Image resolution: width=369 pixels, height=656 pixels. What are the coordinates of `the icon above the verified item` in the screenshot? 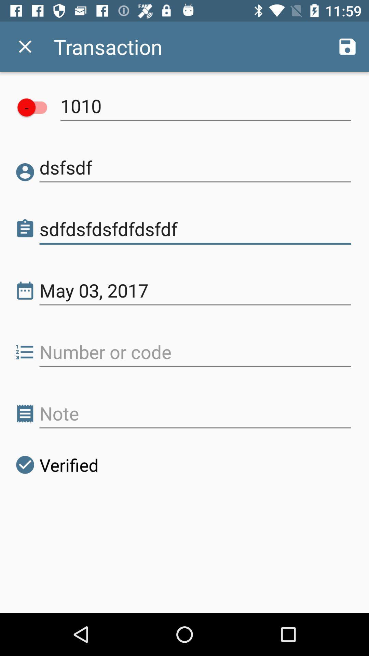 It's located at (195, 413).